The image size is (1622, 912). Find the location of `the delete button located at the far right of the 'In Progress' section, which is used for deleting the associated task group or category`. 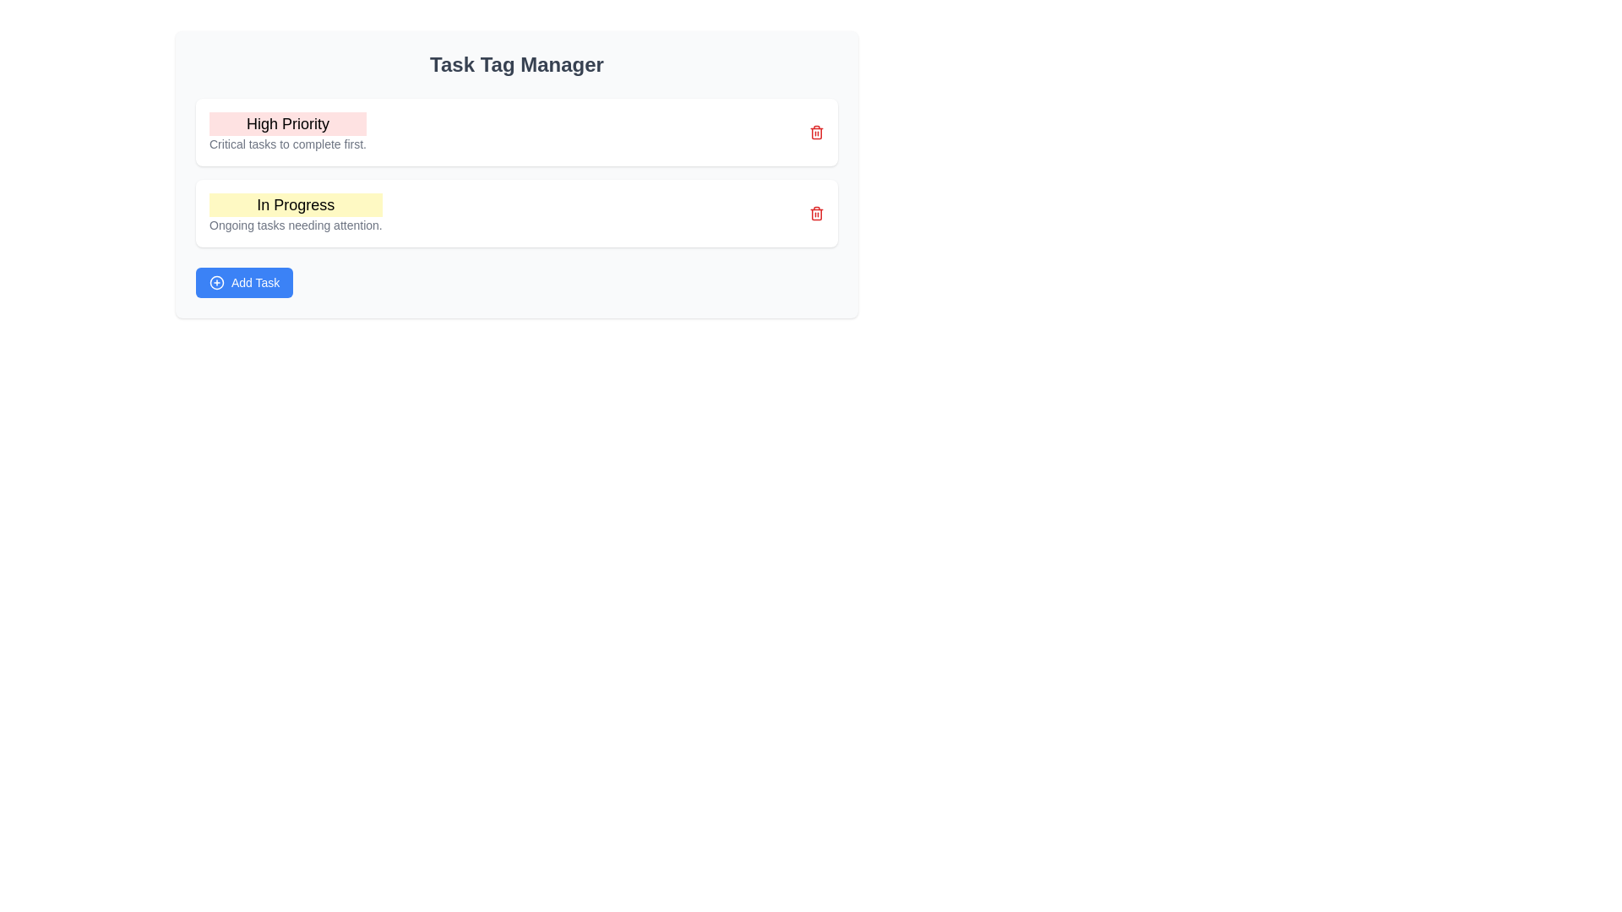

the delete button located at the far right of the 'In Progress' section, which is used for deleting the associated task group or category is located at coordinates (816, 213).